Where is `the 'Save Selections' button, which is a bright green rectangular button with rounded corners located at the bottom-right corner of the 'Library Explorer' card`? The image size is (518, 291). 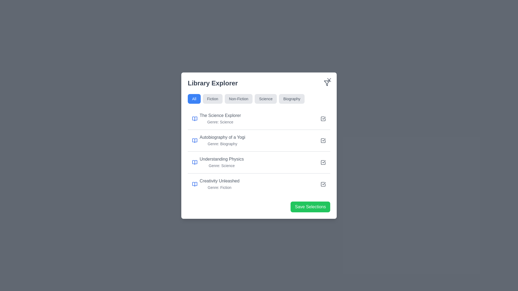
the 'Save Selections' button, which is a bright green rectangular button with rounded corners located at the bottom-right corner of the 'Library Explorer' card is located at coordinates (310, 206).